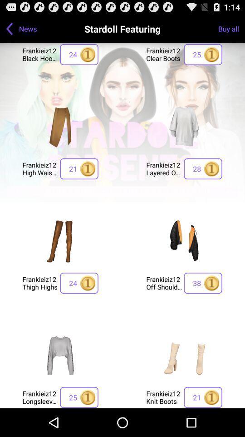 This screenshot has width=245, height=437. Describe the element at coordinates (39, 54) in the screenshot. I see `the app below the news` at that location.